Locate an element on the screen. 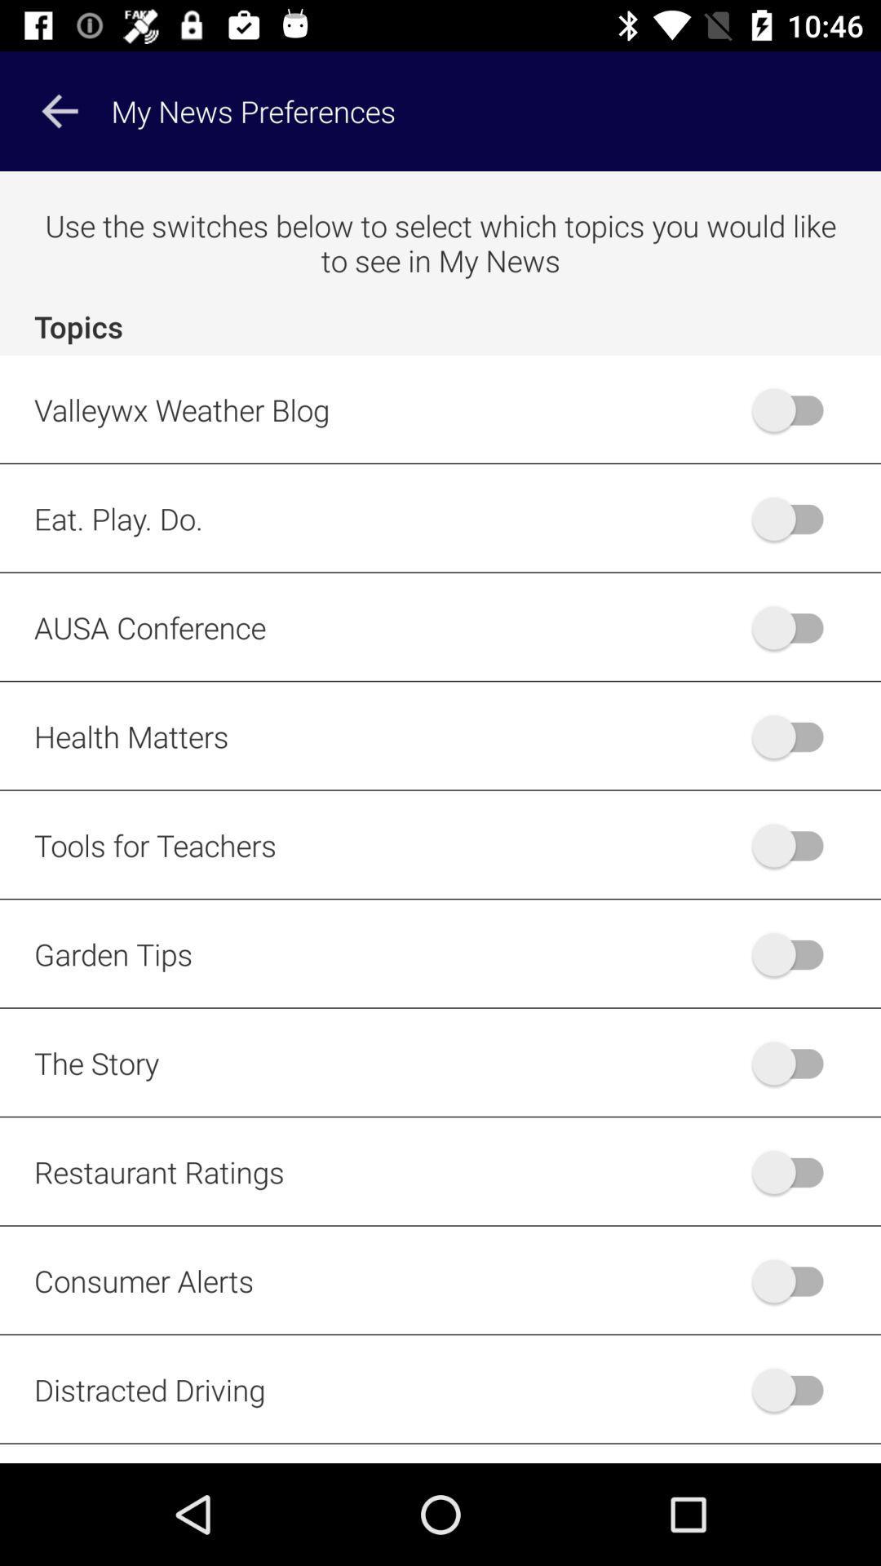 The image size is (881, 1566). ausa slider is located at coordinates (795, 626).